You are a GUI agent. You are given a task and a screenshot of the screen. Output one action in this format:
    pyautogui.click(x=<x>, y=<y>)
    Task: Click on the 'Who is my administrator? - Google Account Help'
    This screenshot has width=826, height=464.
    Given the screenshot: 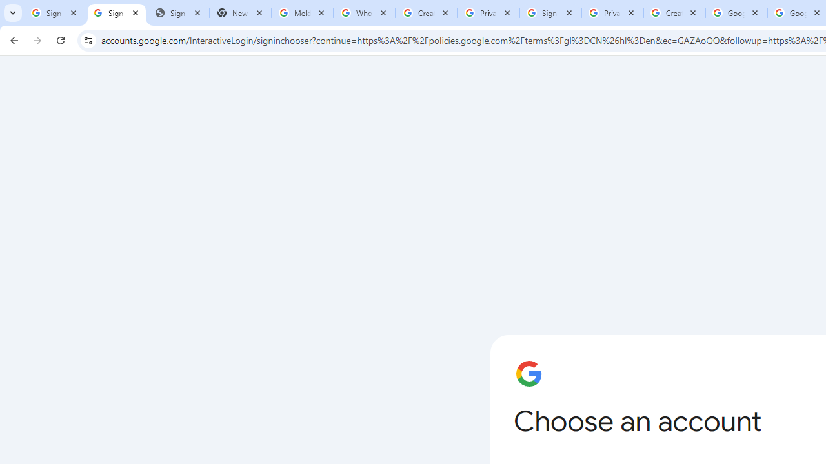 What is the action you would take?
    pyautogui.click(x=364, y=13)
    